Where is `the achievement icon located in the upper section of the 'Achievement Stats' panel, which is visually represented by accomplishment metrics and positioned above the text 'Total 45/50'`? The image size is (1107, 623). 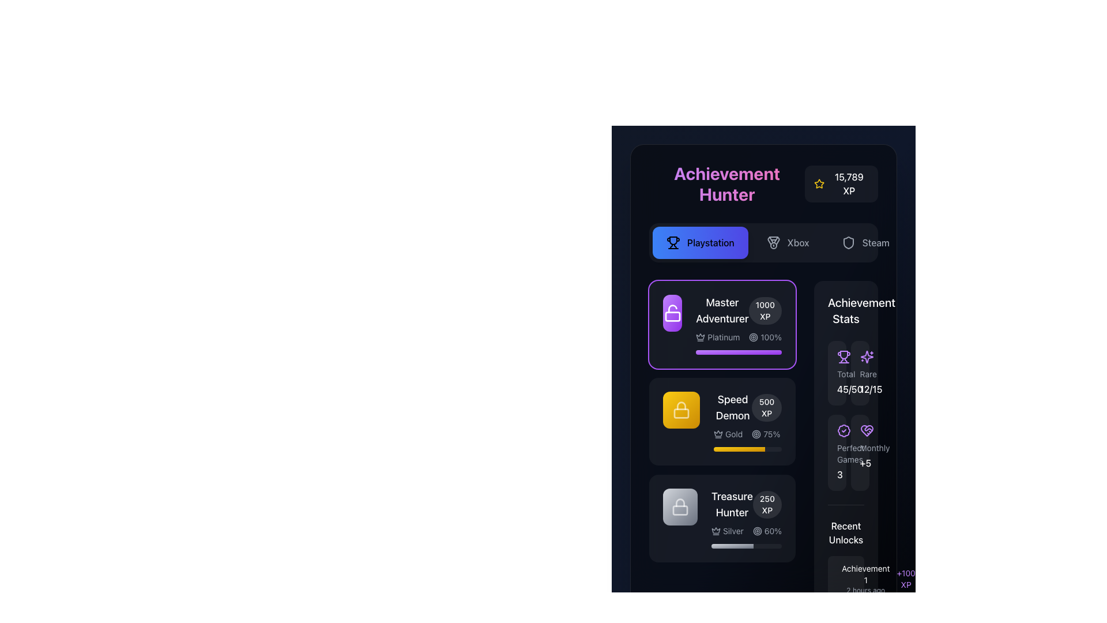
the achievement icon located in the upper section of the 'Achievement Stats' panel, which is visually represented by accomplishment metrics and positioned above the text 'Total 45/50' is located at coordinates (844, 356).